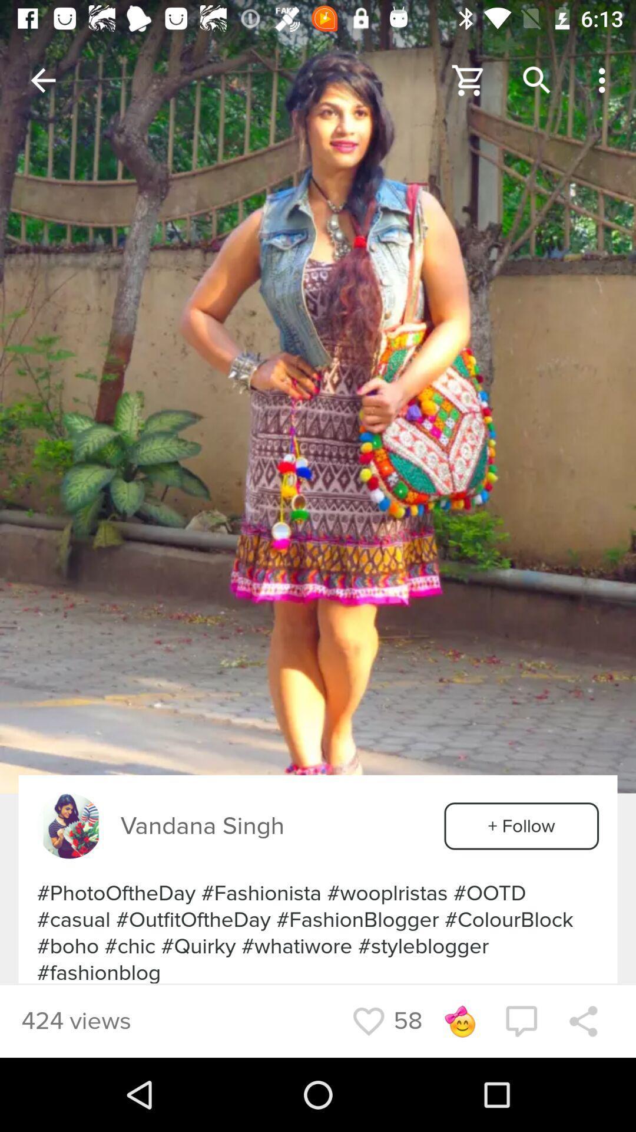  Describe the element at coordinates (521, 1021) in the screenshot. I see `message option` at that location.